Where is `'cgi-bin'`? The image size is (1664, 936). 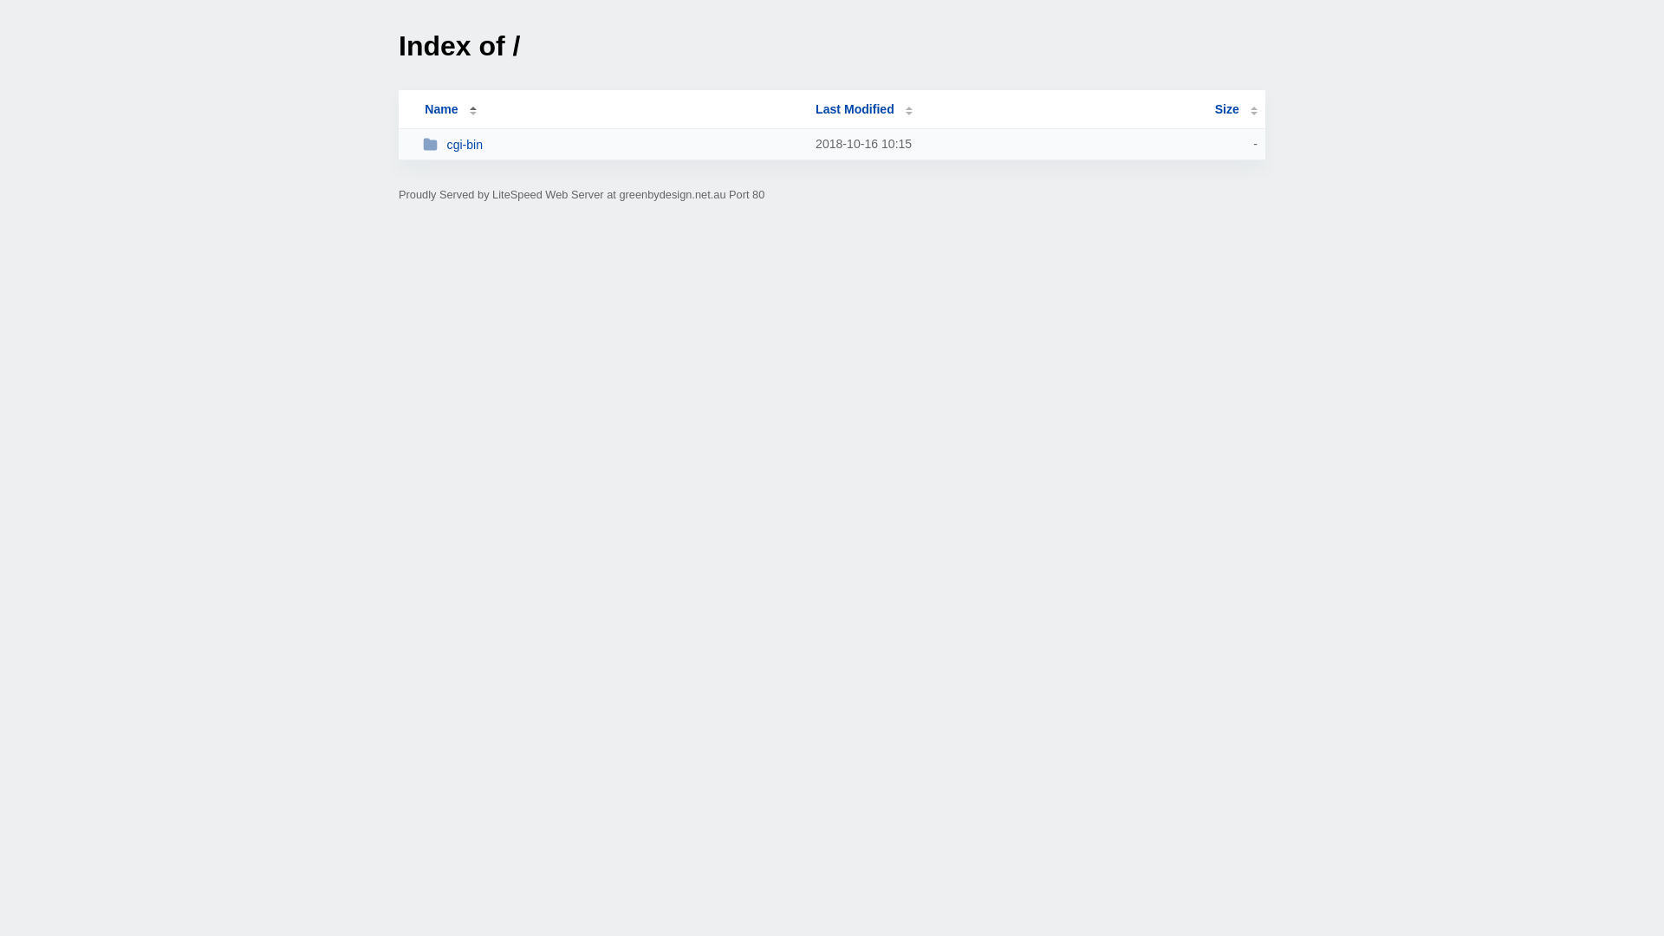 'cgi-bin' is located at coordinates (611, 143).